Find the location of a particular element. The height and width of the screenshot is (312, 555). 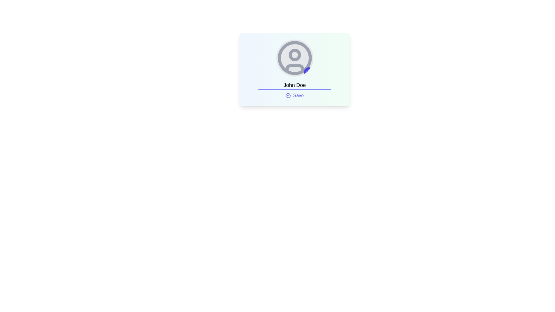

the largest circular SVG element with a gray outline and light gray fill, located at the center of the user avatar icon in the user card interface is located at coordinates (295, 58).